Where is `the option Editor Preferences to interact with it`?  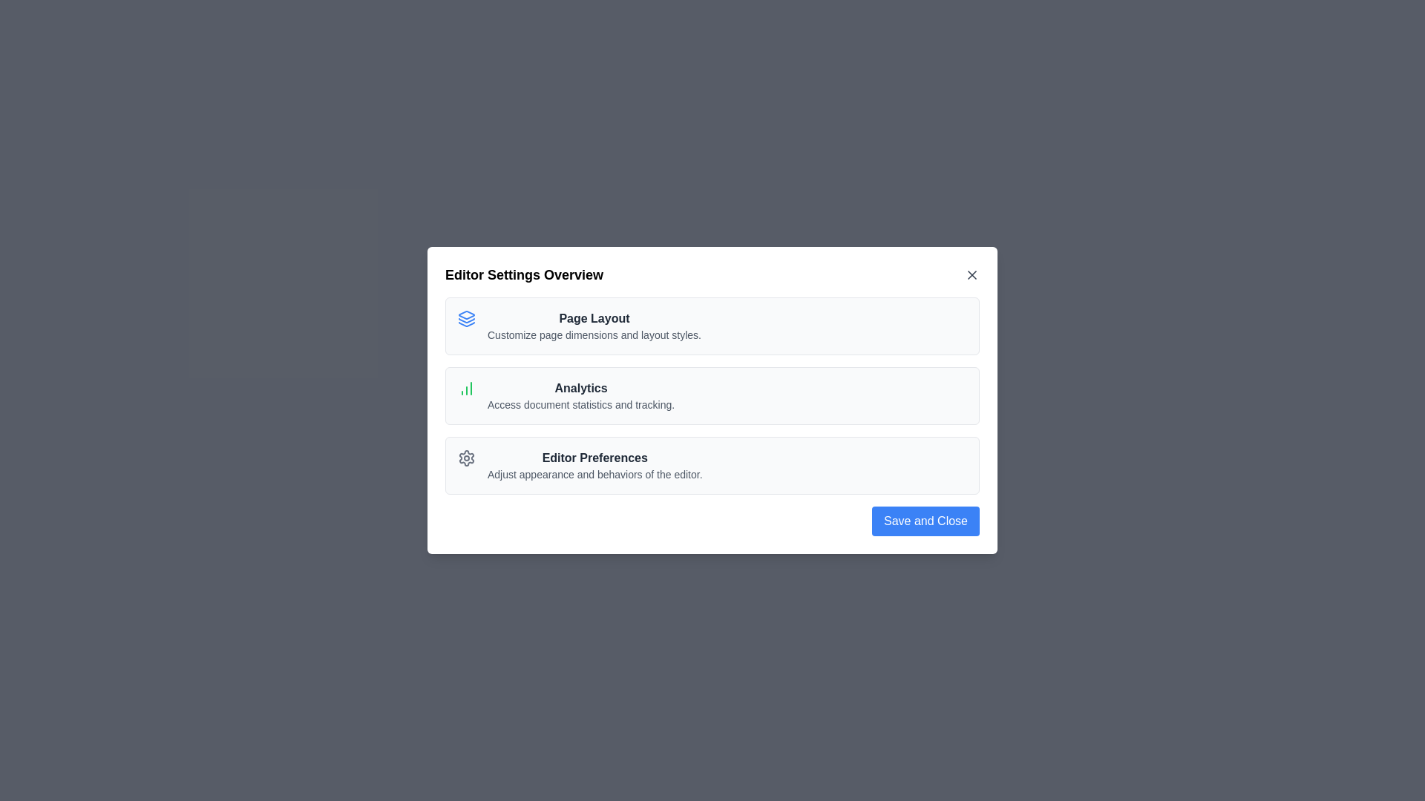
the option Editor Preferences to interact with it is located at coordinates (594, 465).